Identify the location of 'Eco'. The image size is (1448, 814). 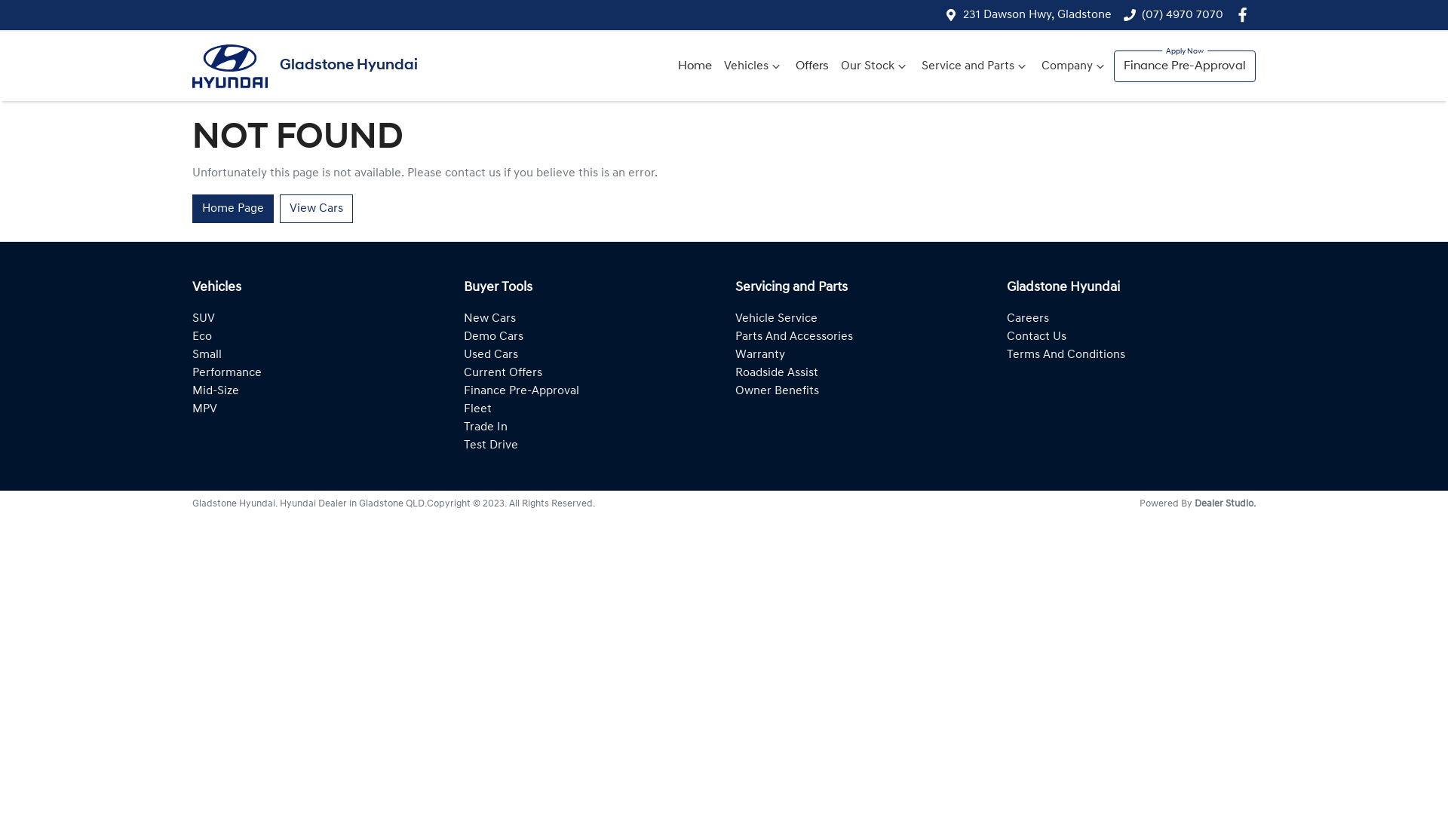
(191, 336).